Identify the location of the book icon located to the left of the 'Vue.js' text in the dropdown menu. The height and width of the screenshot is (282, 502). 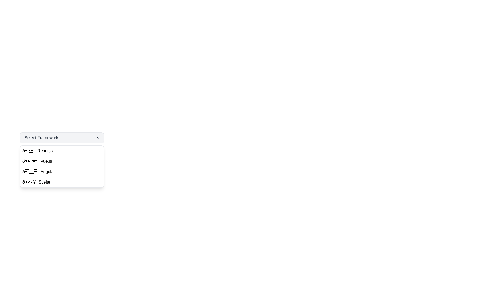
(30, 161).